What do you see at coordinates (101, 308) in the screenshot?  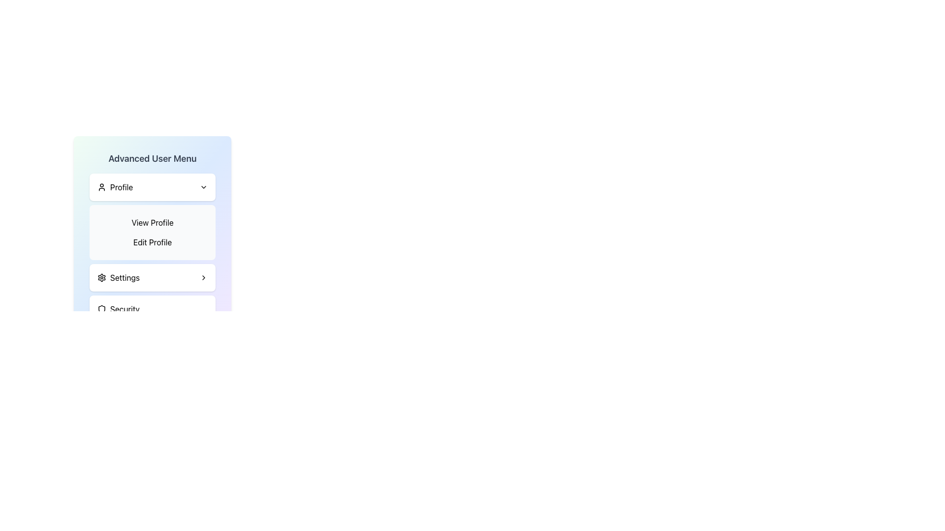 I see `the sleek, modern shield-shaped icon located to the left of the text 'Security' in the vertical menu` at bounding box center [101, 308].